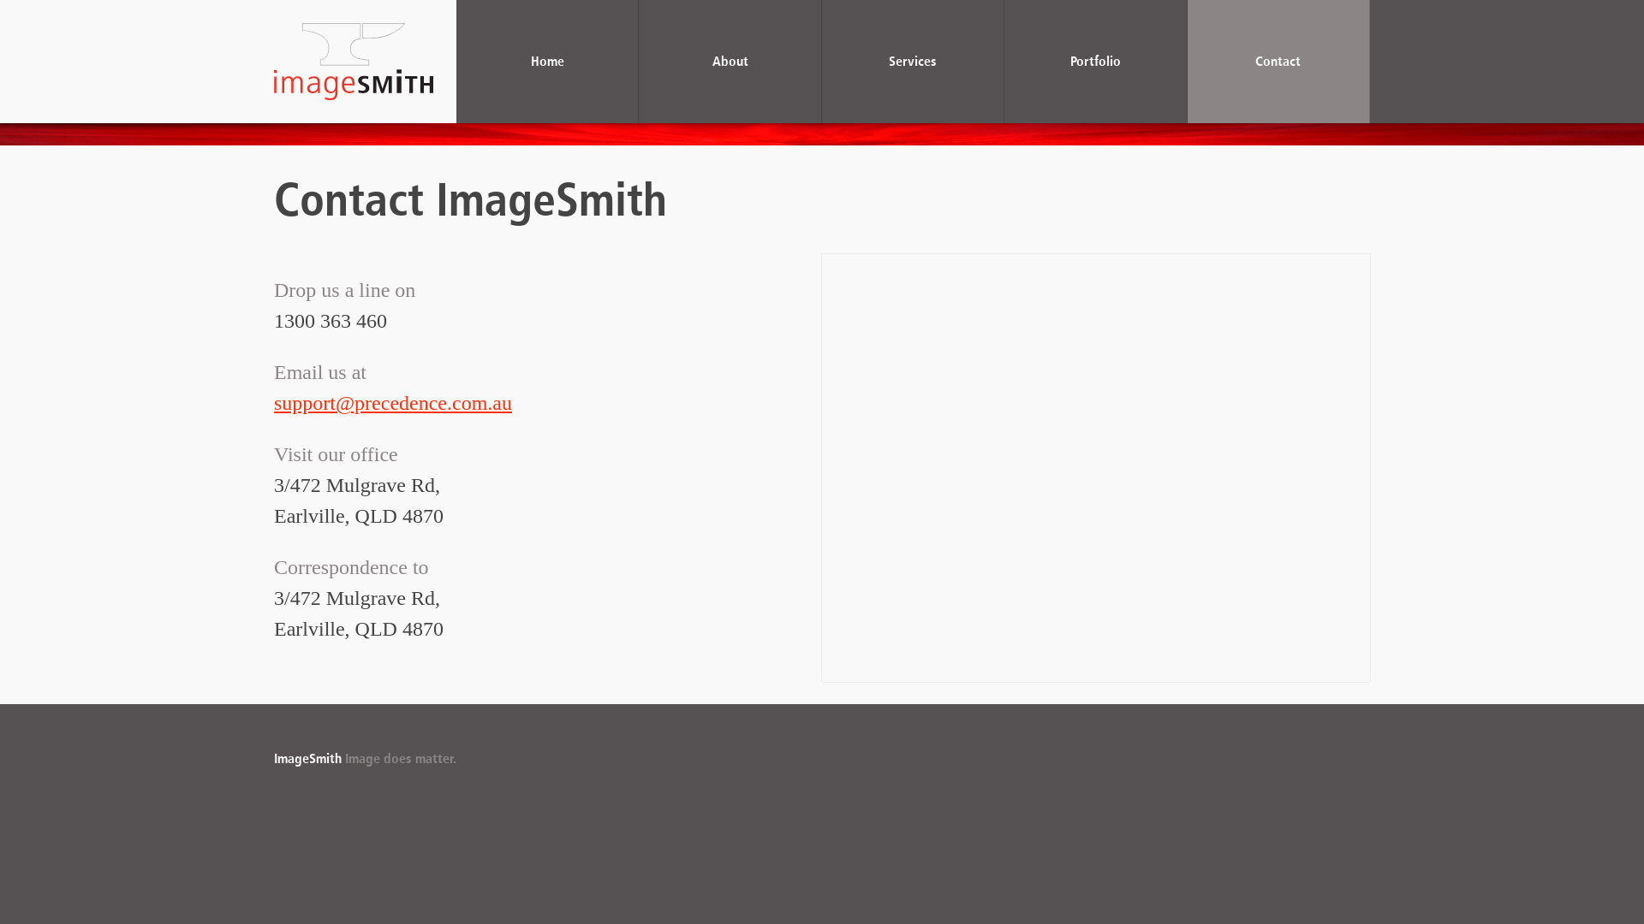 Image resolution: width=1644 pixels, height=924 pixels. I want to click on 'Portfolio', so click(1094, 61).